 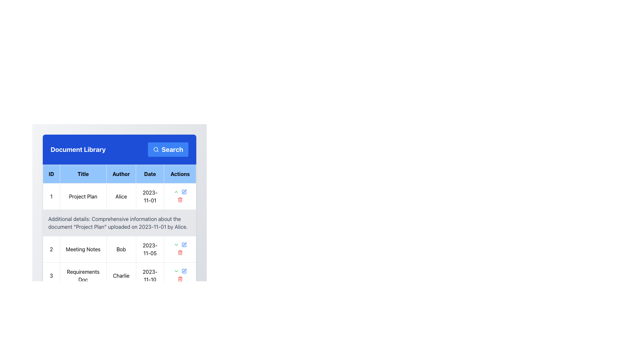 I want to click on the text label displaying the date of the document 'Requirements Doc' by 'Charlie' located in the fourth column of the third row in the 'Document Library' section, so click(x=150, y=275).